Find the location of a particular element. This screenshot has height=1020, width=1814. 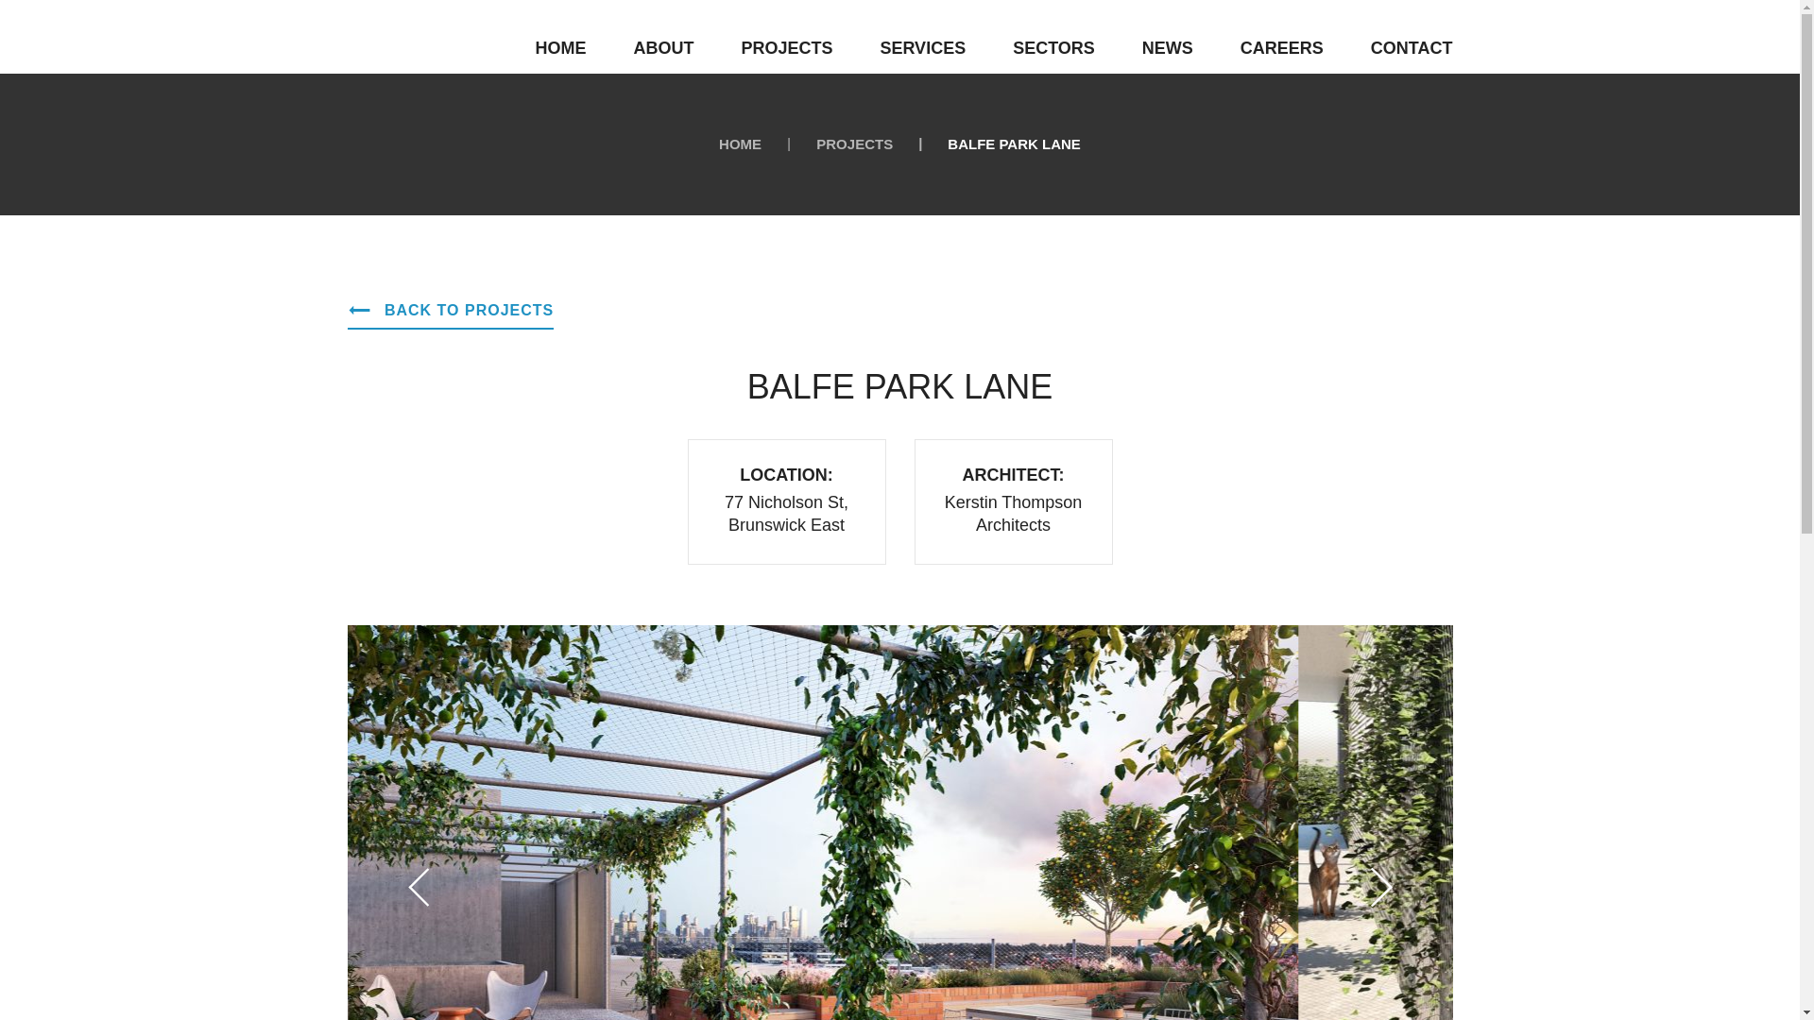

'ABOUT' is located at coordinates (662, 46).